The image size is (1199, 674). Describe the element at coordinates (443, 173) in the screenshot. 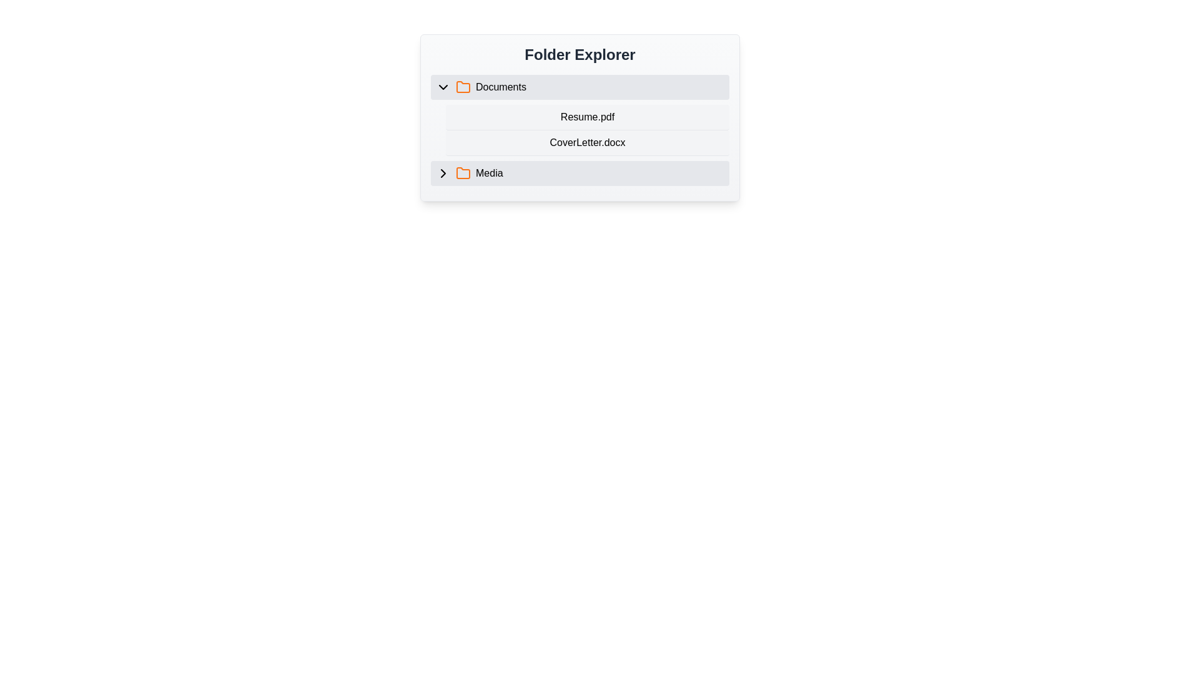

I see `the right-pointing arrow icon located to the left of the 'Media' text in the lower section of the 'Folder Explorer' interface` at that location.